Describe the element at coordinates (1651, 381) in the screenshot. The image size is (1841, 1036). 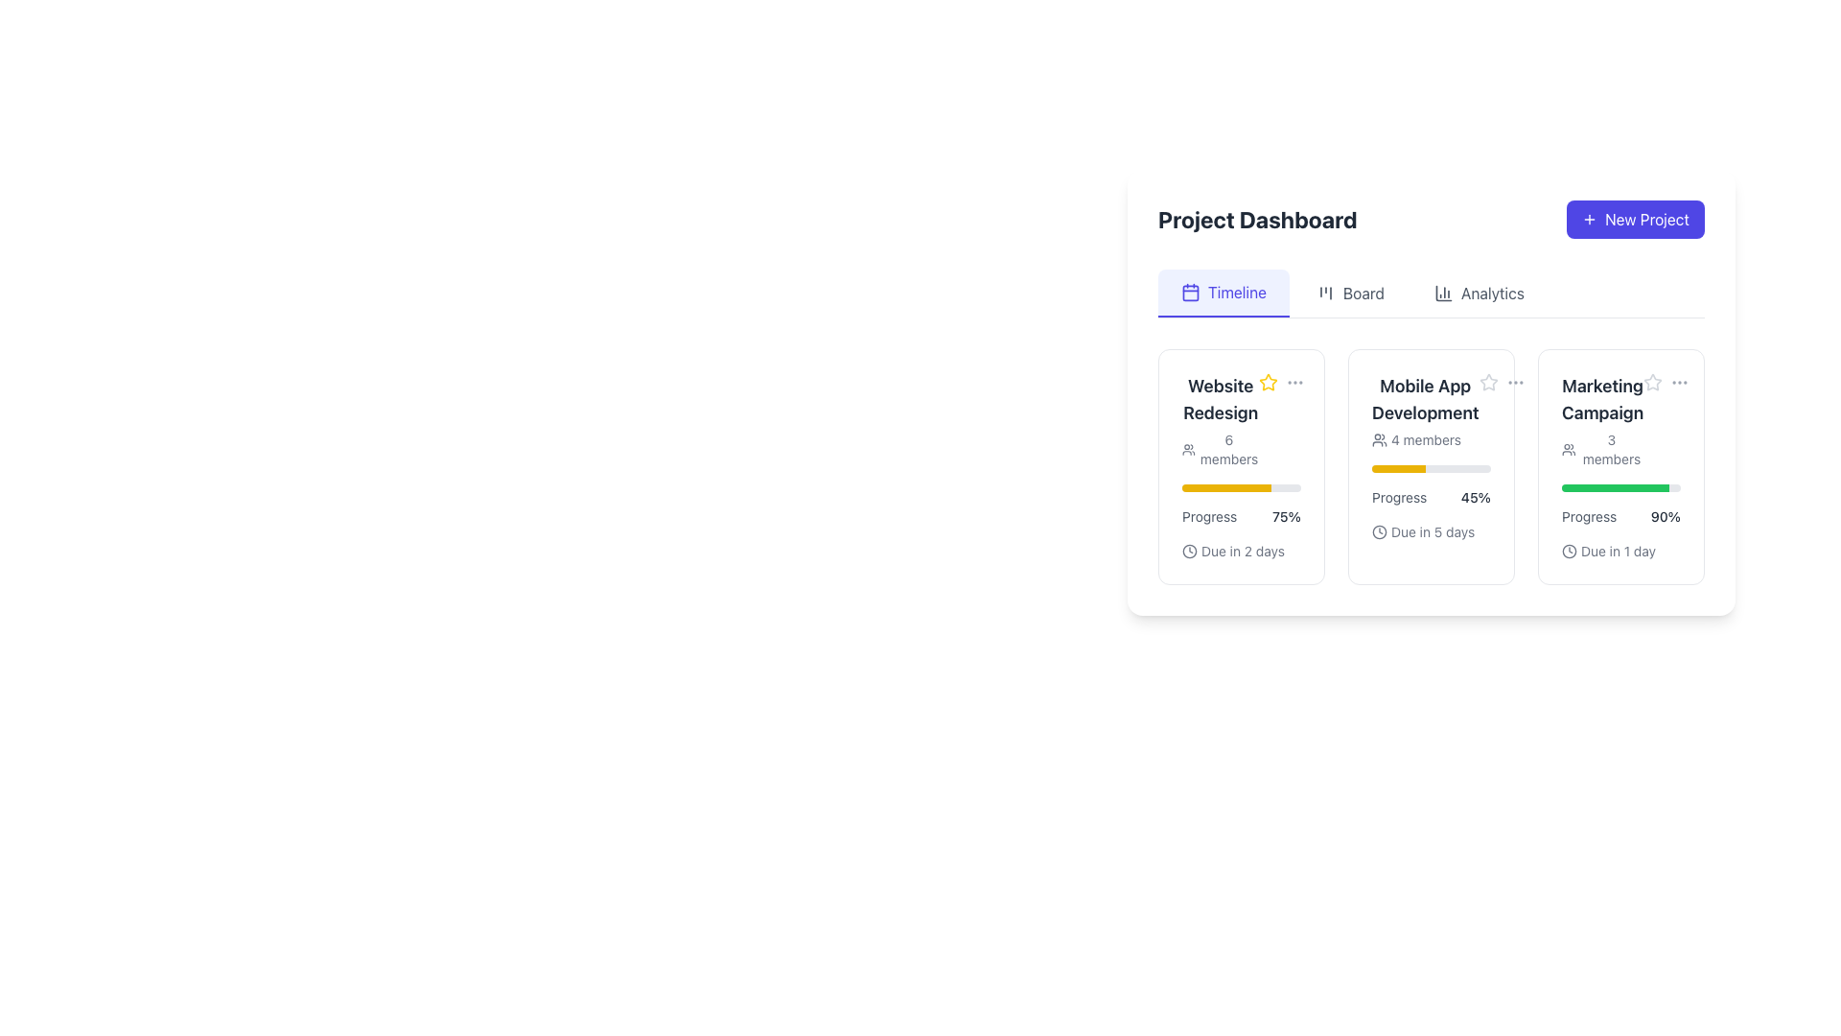
I see `the star icon in the Marketing Campaign section of the project dashboard` at that location.